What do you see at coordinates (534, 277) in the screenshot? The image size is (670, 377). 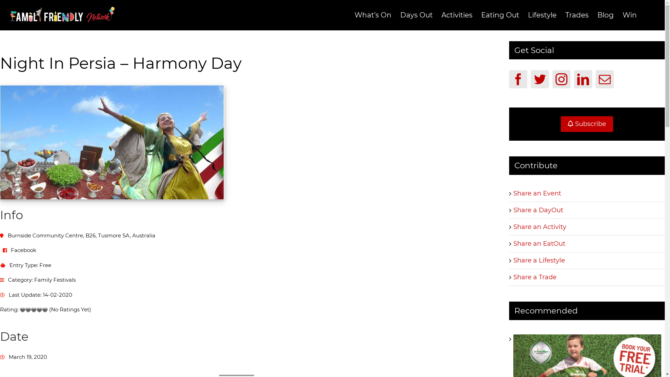 I see `'Share a Trade'` at bounding box center [534, 277].